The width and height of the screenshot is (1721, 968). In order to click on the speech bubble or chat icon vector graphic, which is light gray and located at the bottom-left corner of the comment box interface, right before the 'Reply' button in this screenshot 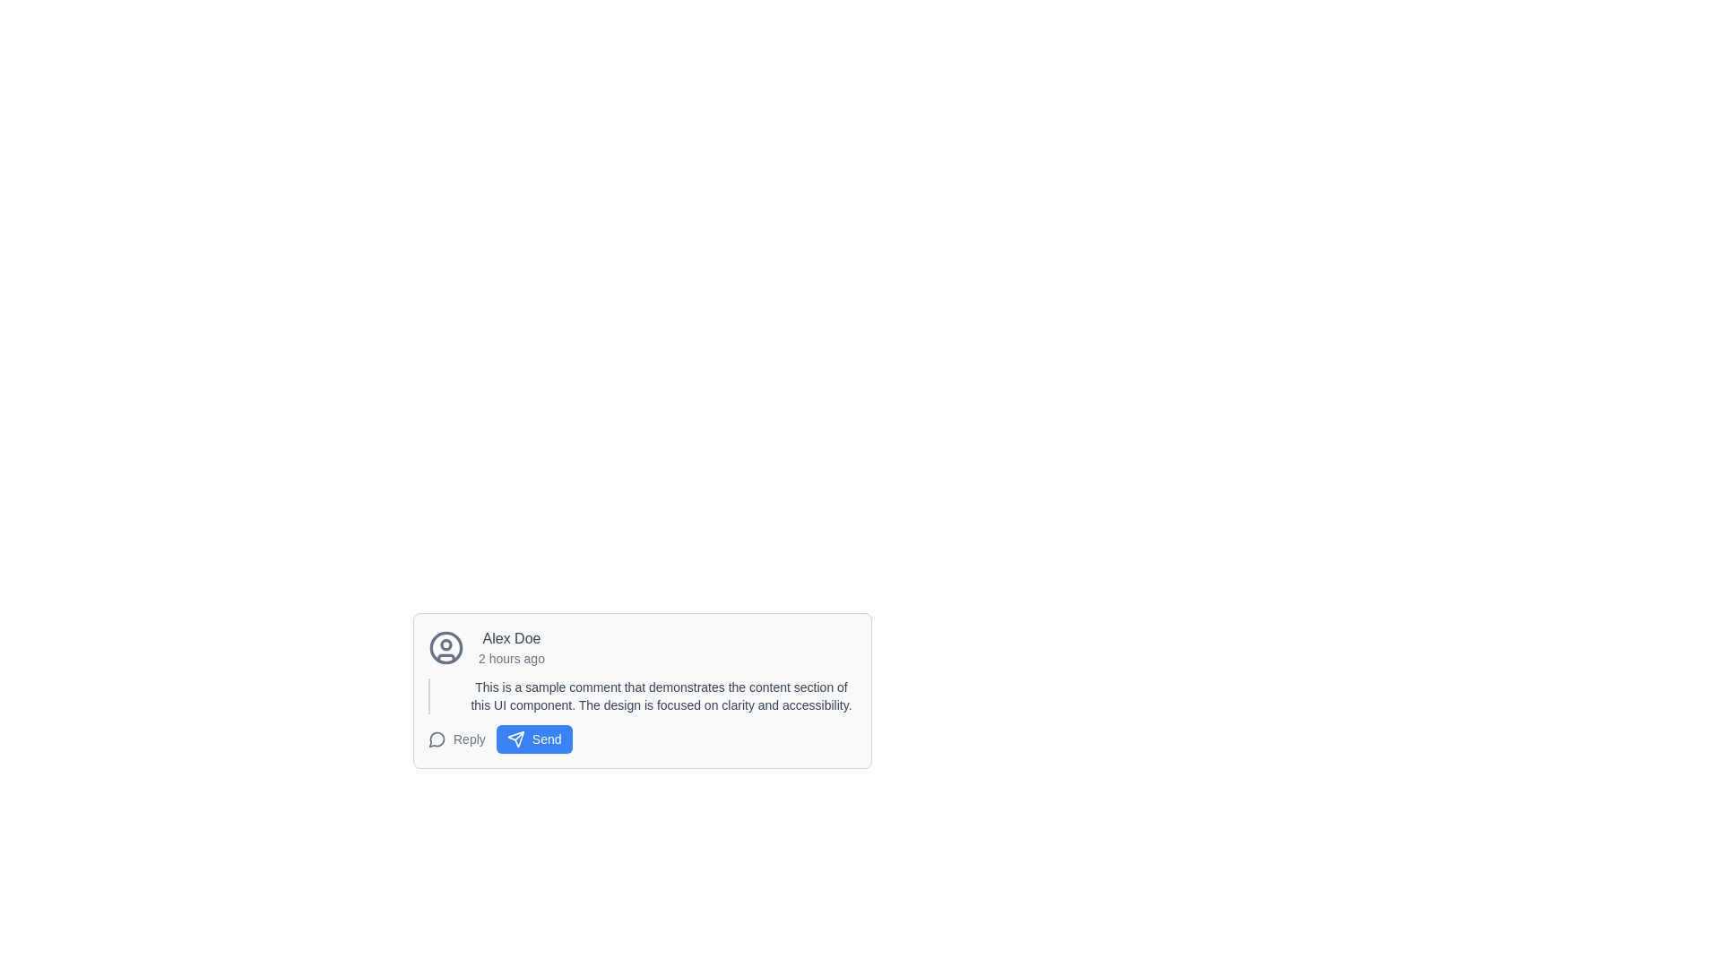, I will do `click(437, 739)`.